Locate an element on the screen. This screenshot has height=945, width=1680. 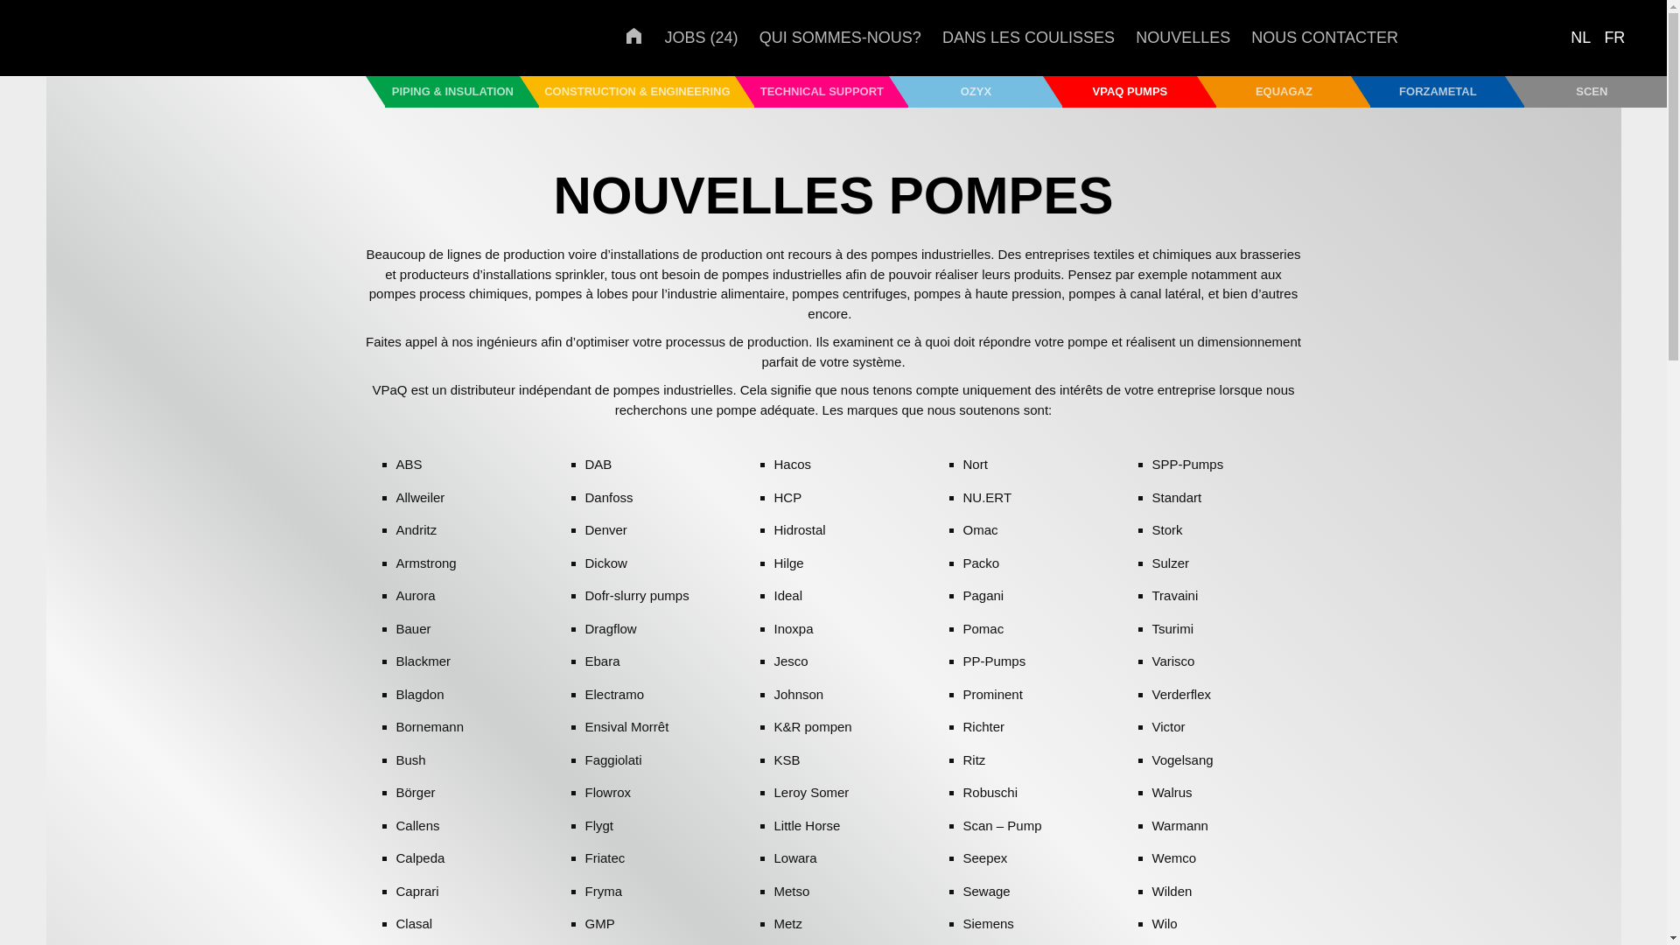
'EQUAGAZ' is located at coordinates (1215, 91).